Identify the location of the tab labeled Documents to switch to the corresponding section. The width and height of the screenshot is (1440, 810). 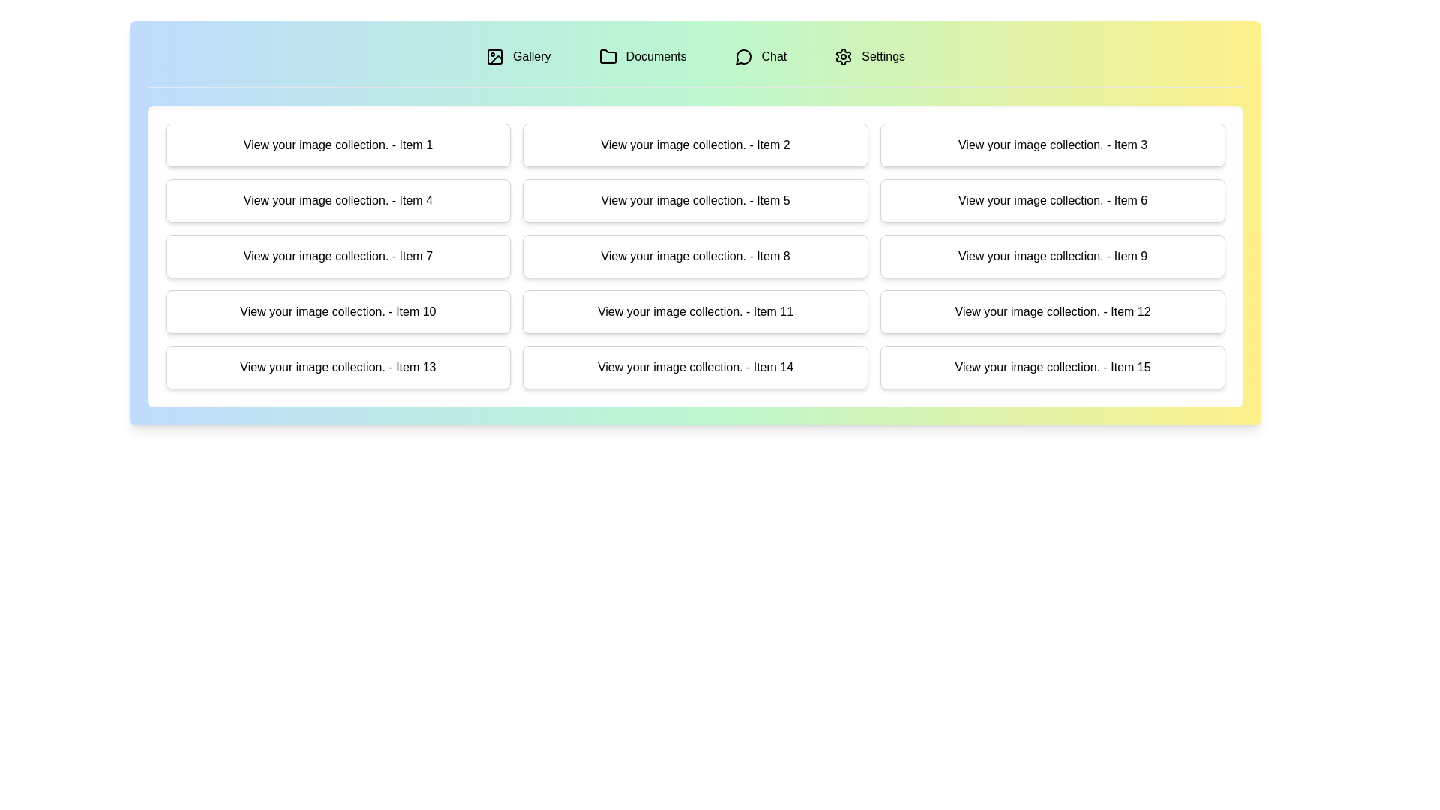
(643, 56).